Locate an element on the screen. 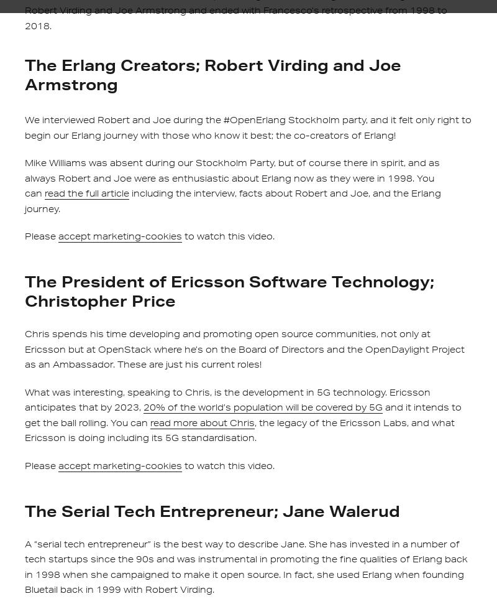 The height and width of the screenshot is (609, 497). 'A “serial tech entrepreneur” is the best way to describe Jane. She has invested in a number of tech startups since the 90s and was instrumental in promoting the fine qualities of Erlang back in 1998 when she campaigned to make it open source. In fact, she used Erlang when founding Bluetail back in 1999 with Robert Virding.' is located at coordinates (245, 565).